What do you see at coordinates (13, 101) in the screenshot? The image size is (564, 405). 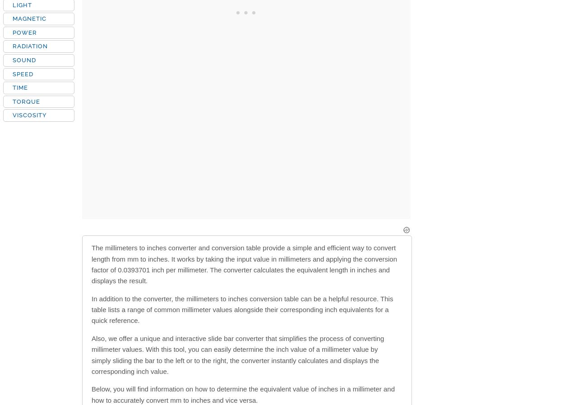 I see `'TORQUE'` at bounding box center [13, 101].